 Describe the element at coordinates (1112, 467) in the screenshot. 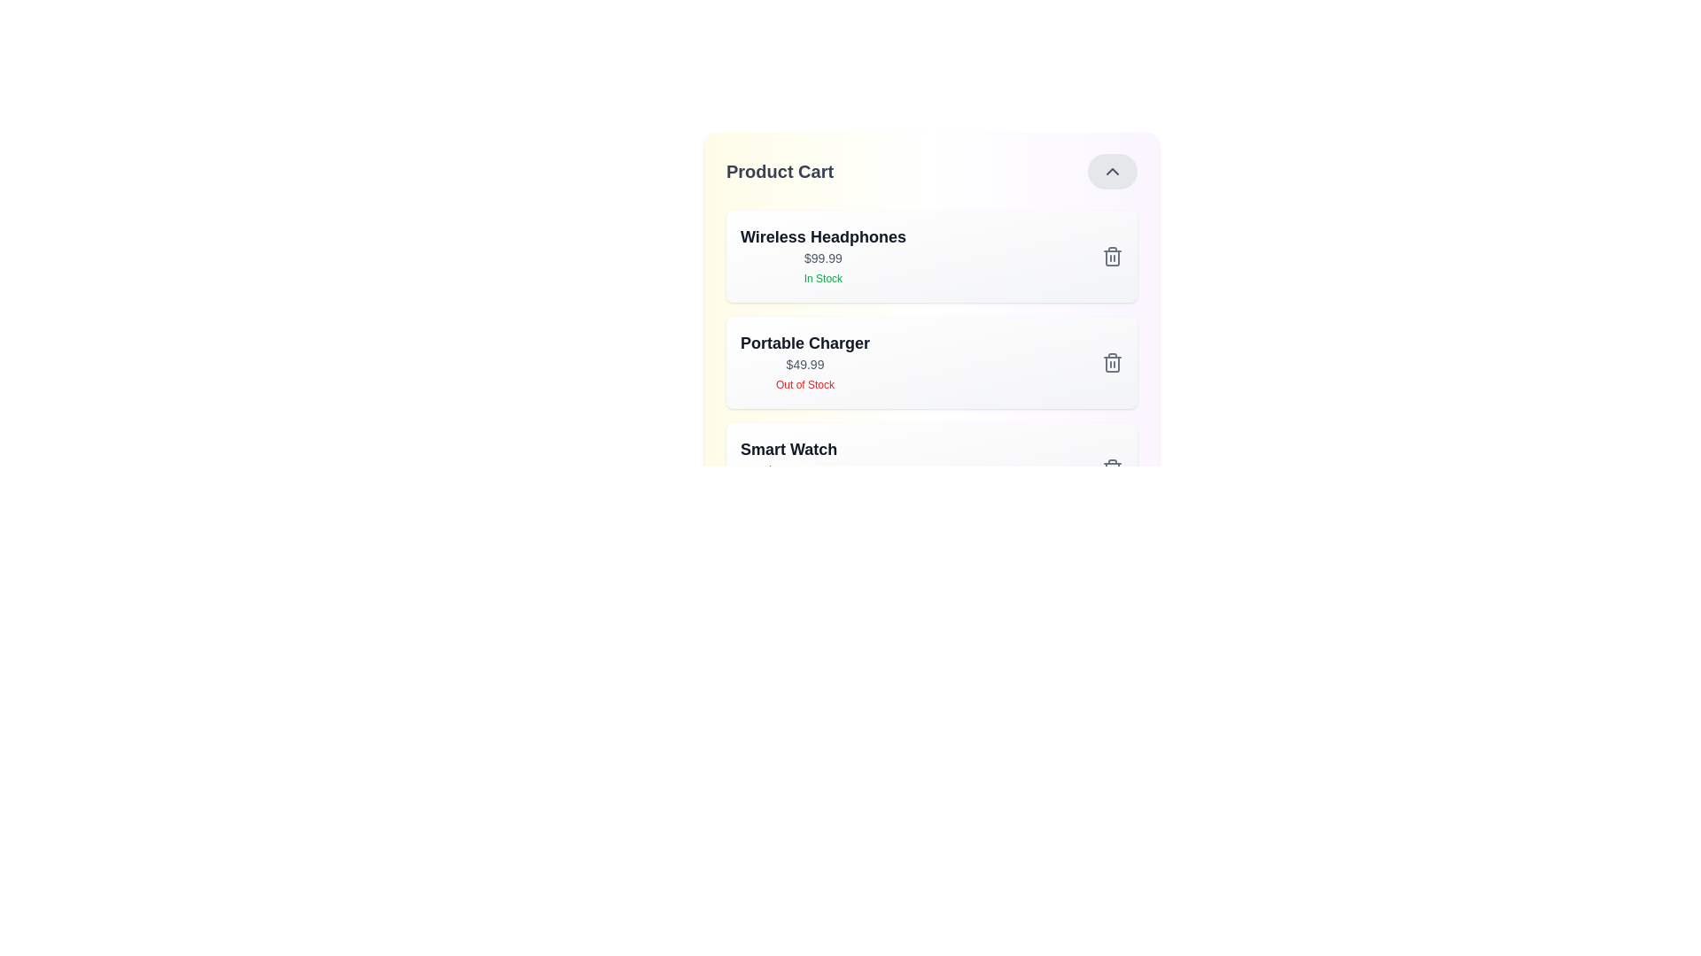

I see `trash icon for Smart Watch to remove it from the cart` at that location.